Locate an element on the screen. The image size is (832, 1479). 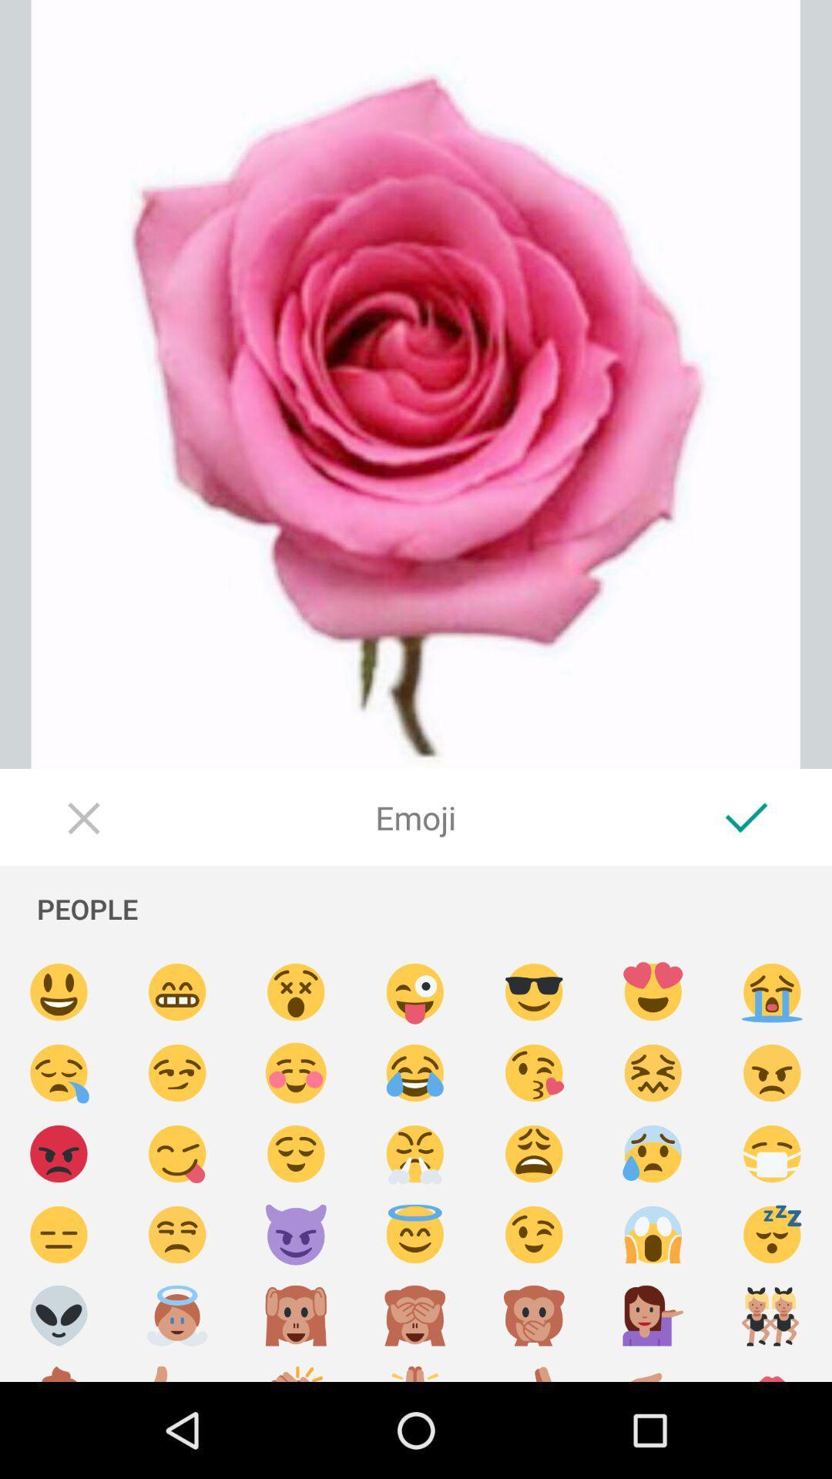
emoji is located at coordinates (296, 1154).